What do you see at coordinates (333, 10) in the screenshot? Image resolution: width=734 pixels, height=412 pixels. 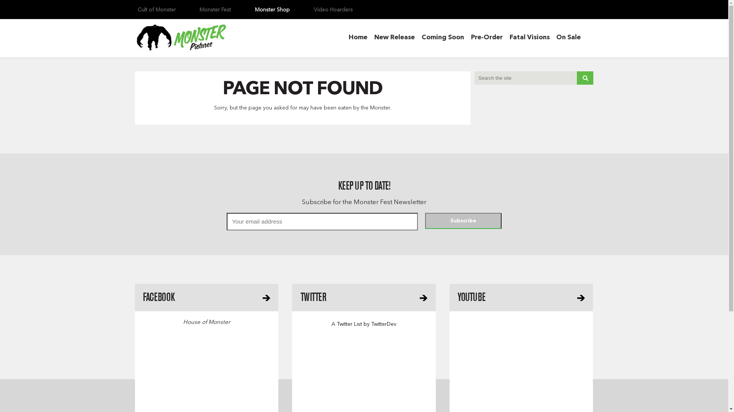 I see `'Video Hoarders'` at bounding box center [333, 10].